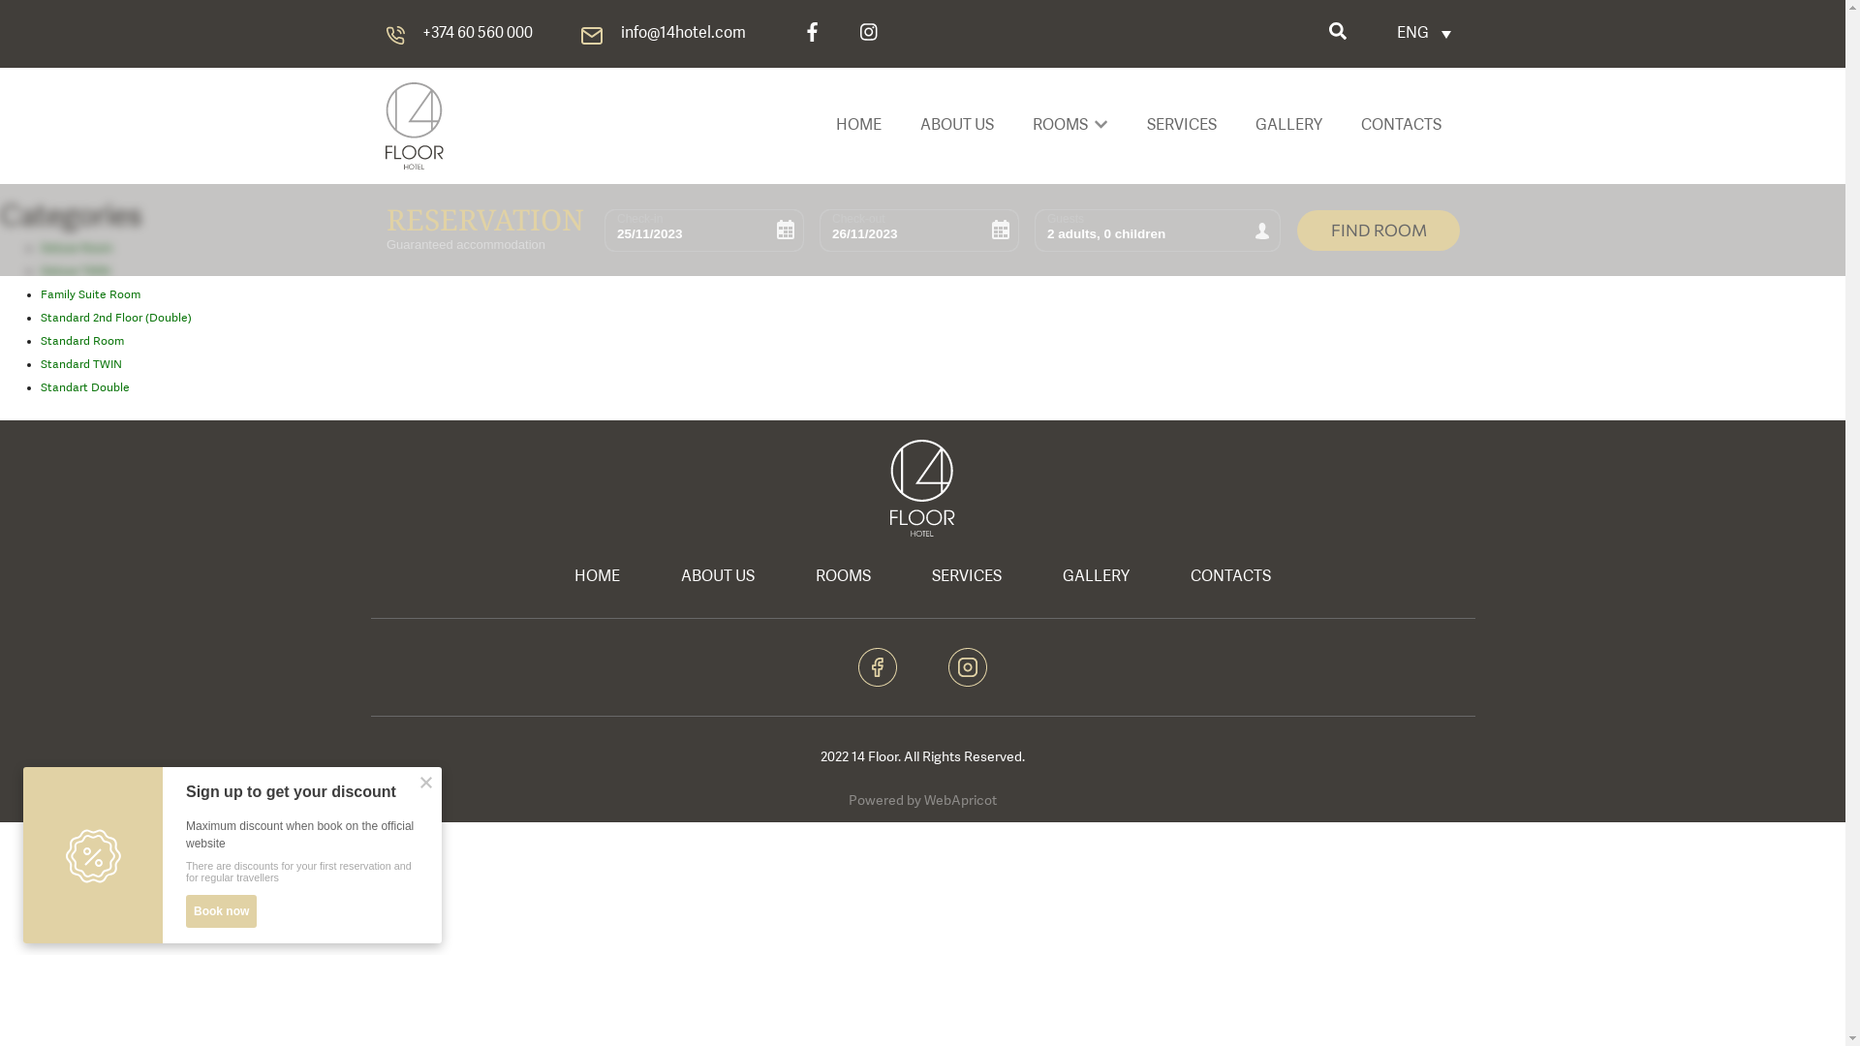 The image size is (1860, 1046). What do you see at coordinates (1229, 576) in the screenshot?
I see `'CONTACTS'` at bounding box center [1229, 576].